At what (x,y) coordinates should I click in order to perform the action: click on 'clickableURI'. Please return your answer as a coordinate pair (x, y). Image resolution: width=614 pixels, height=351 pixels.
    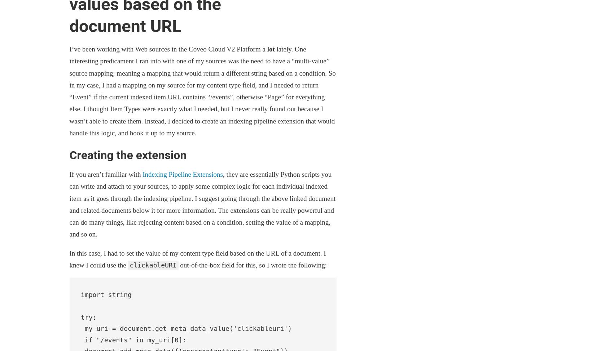
    Looking at the image, I should click on (153, 264).